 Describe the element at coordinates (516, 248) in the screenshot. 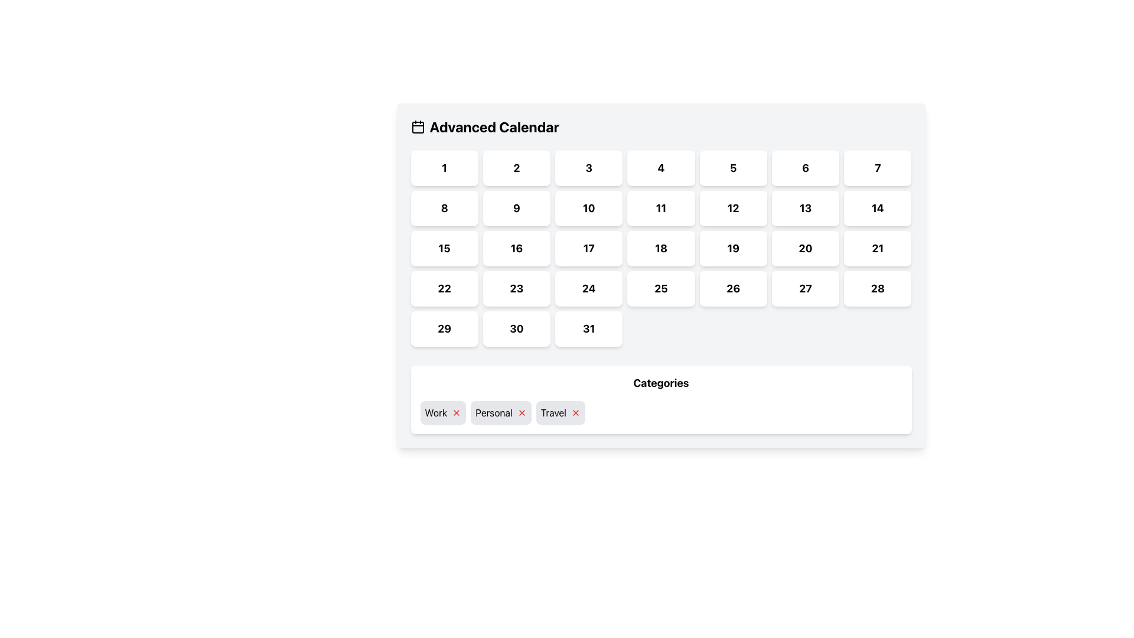

I see `the rectangular button with rounded corners displaying the number '16' in bold black text, located in the fourth row and second column of the calendar grid` at that location.